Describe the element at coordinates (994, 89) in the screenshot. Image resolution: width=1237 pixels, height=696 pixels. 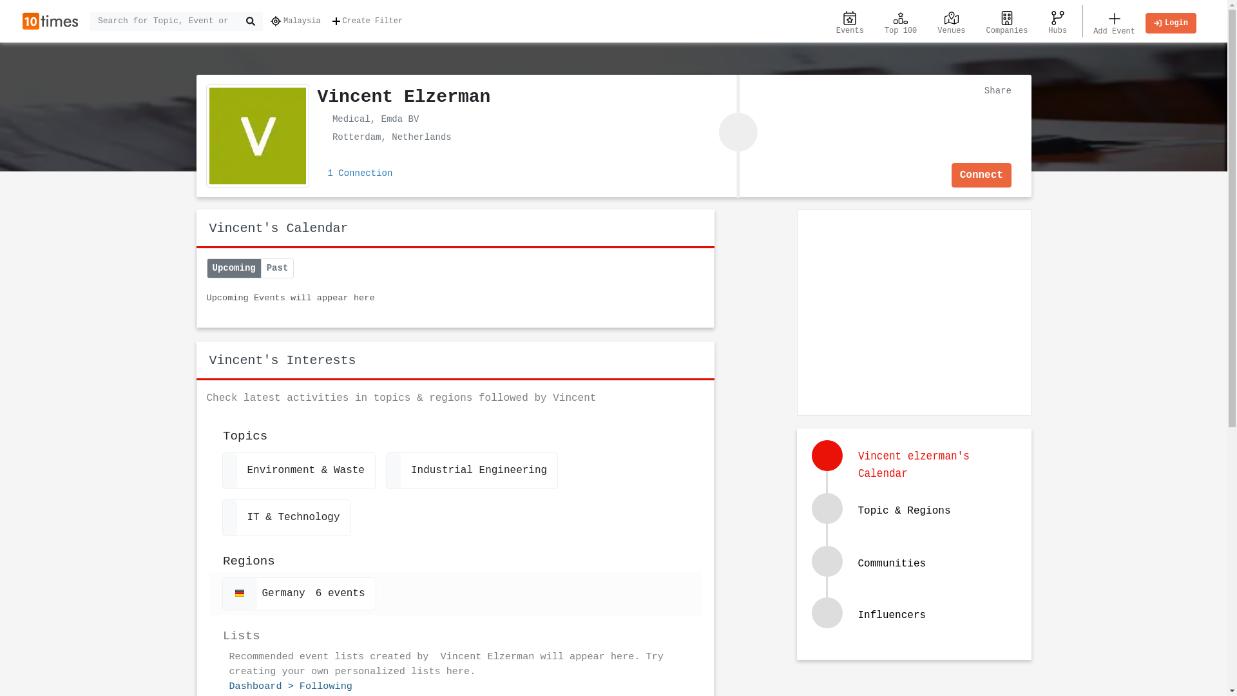
I see `'Share'` at that location.